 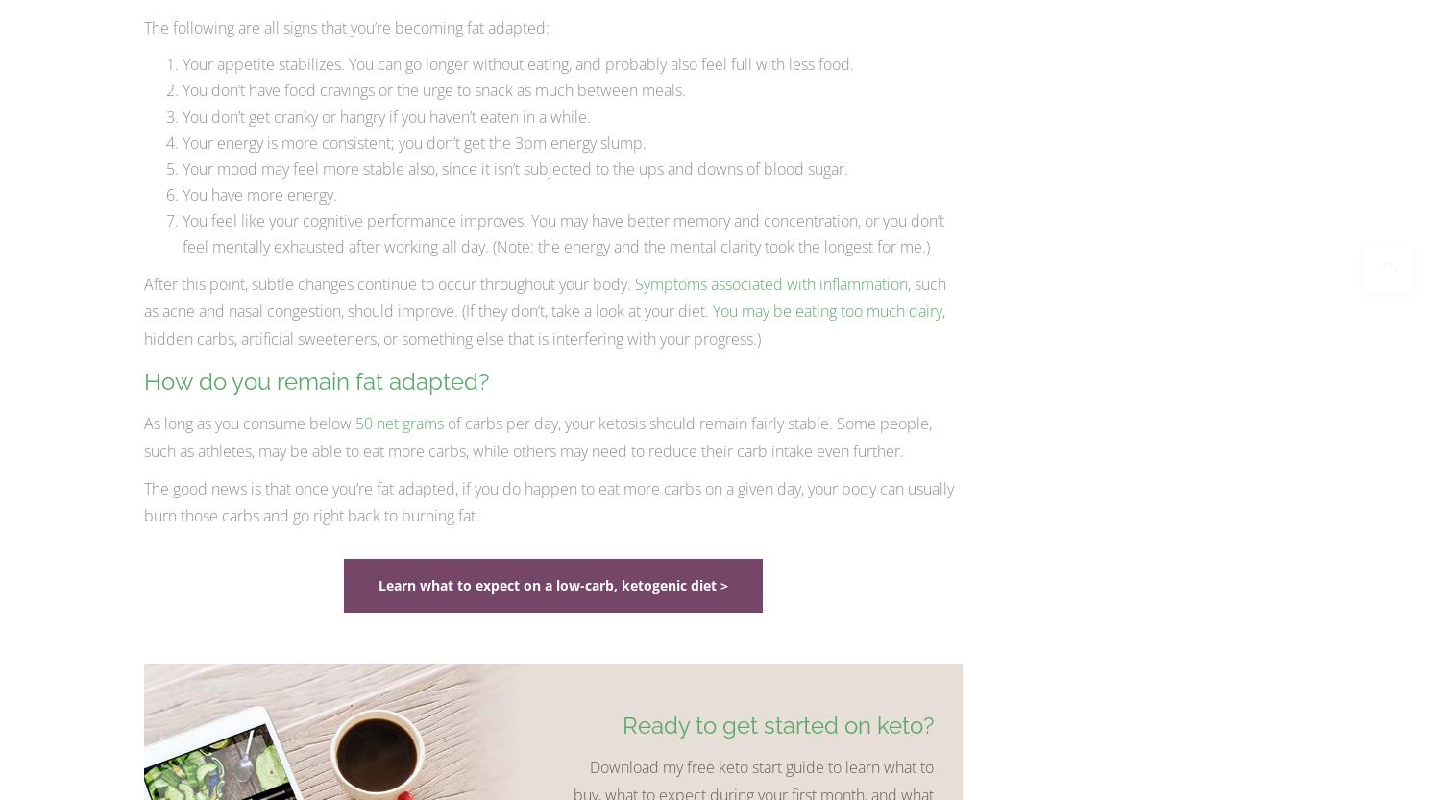 What do you see at coordinates (778, 725) in the screenshot?
I see `'Ready to get started on keto?'` at bounding box center [778, 725].